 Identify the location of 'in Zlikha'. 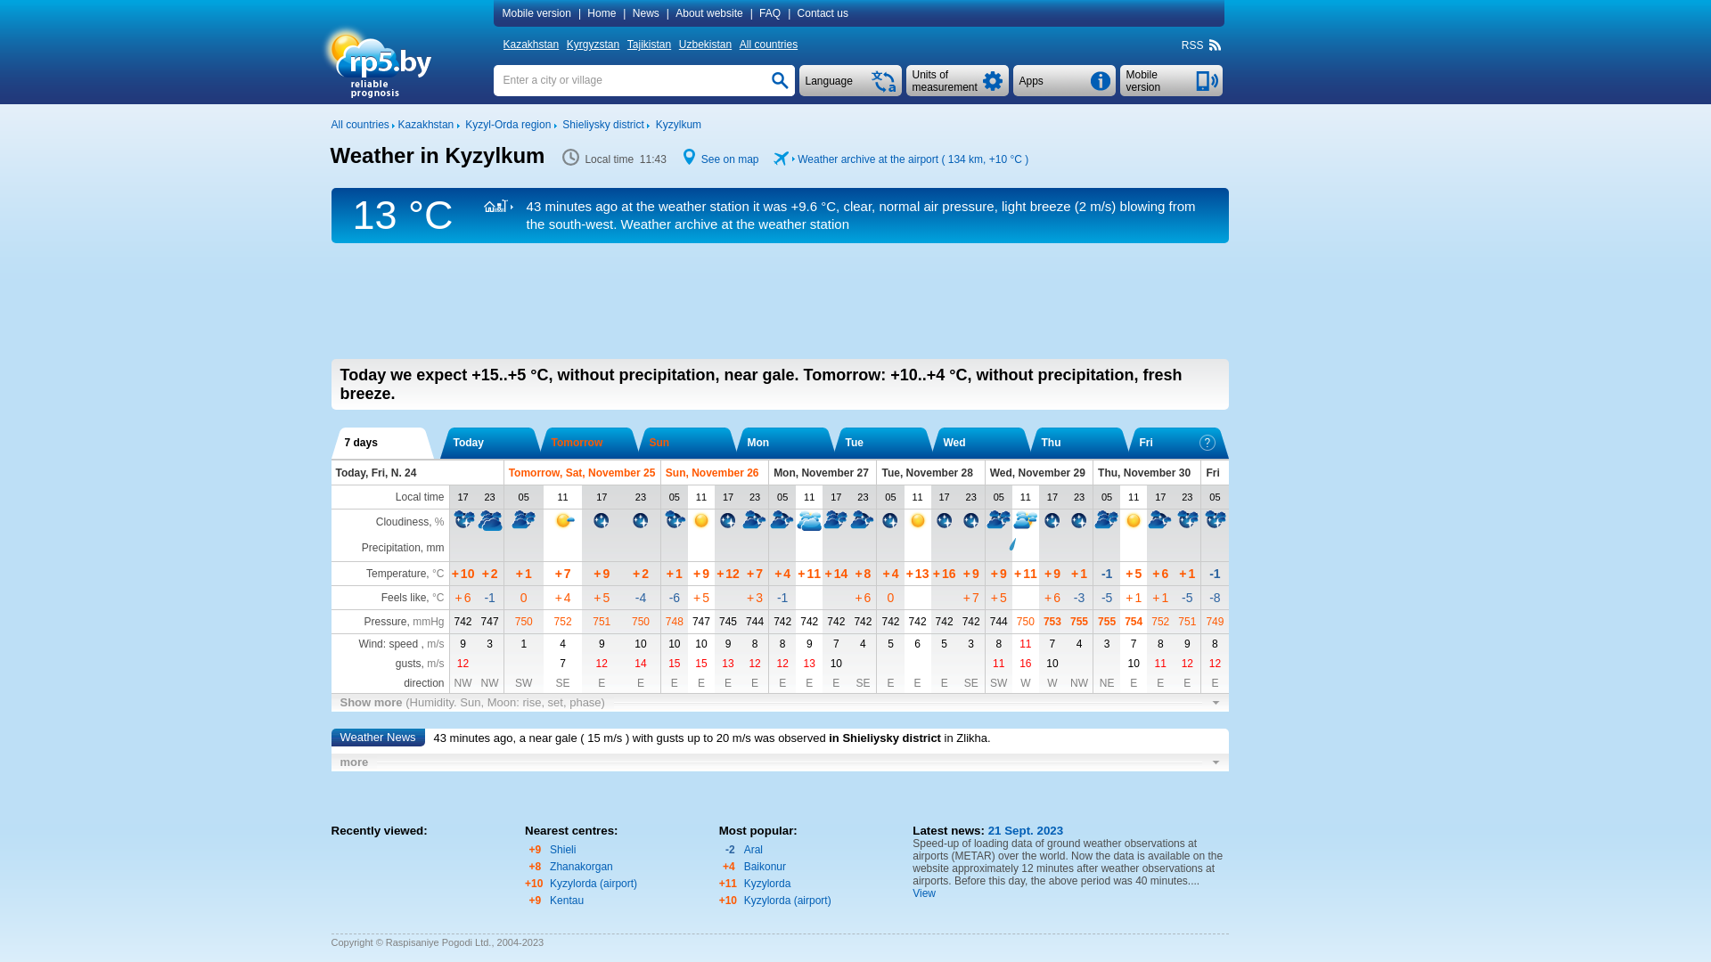
(965, 738).